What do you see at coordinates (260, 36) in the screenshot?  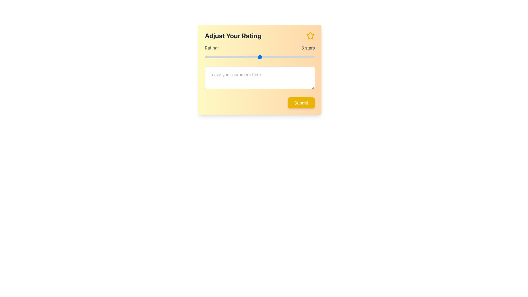 I see `the text 'Adjust Your Rating' in the static header at the top of the card` at bounding box center [260, 36].